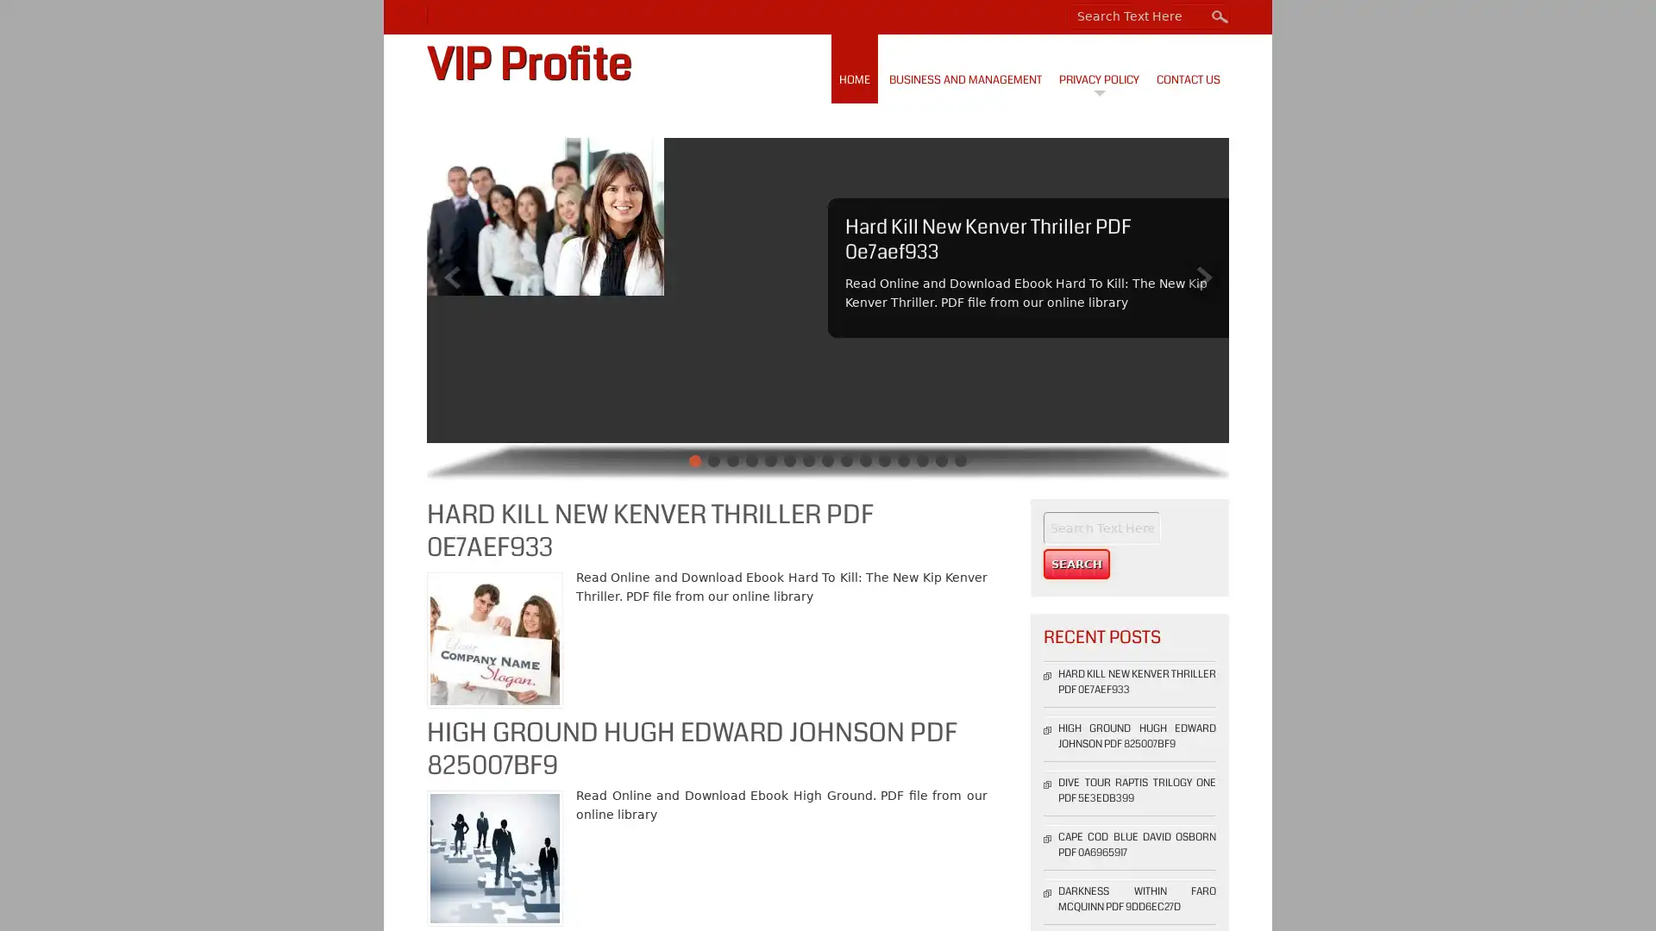 This screenshot has width=1656, height=931. What do you see at coordinates (1076, 564) in the screenshot?
I see `Search` at bounding box center [1076, 564].